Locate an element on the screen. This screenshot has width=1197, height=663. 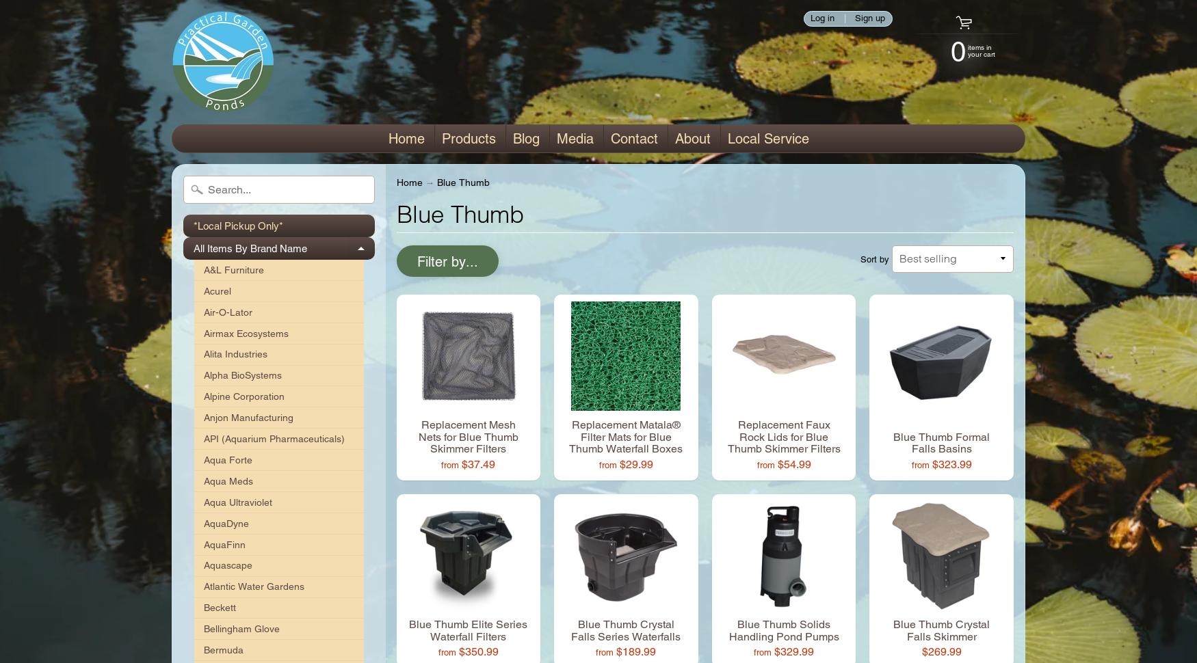
'Sort by' is located at coordinates (874, 258).